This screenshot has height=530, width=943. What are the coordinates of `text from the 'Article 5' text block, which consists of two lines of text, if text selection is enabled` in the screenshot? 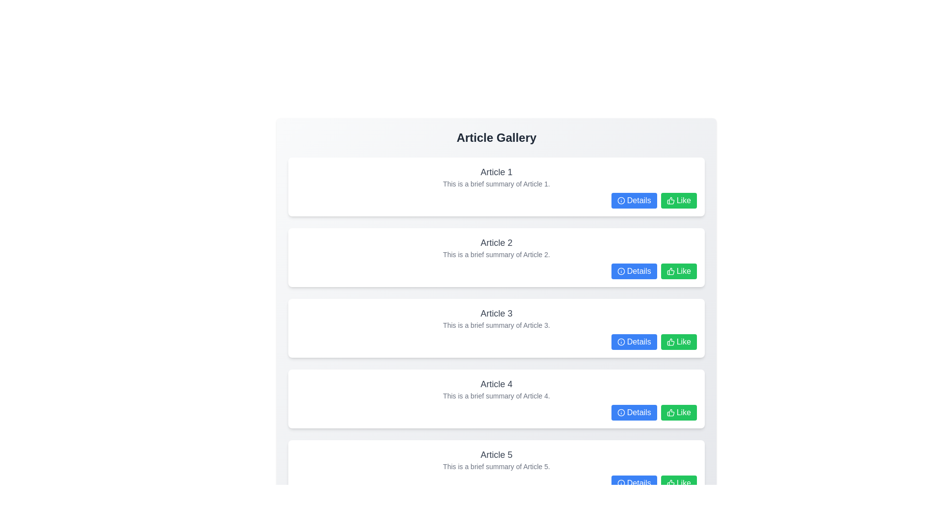 It's located at (497, 460).